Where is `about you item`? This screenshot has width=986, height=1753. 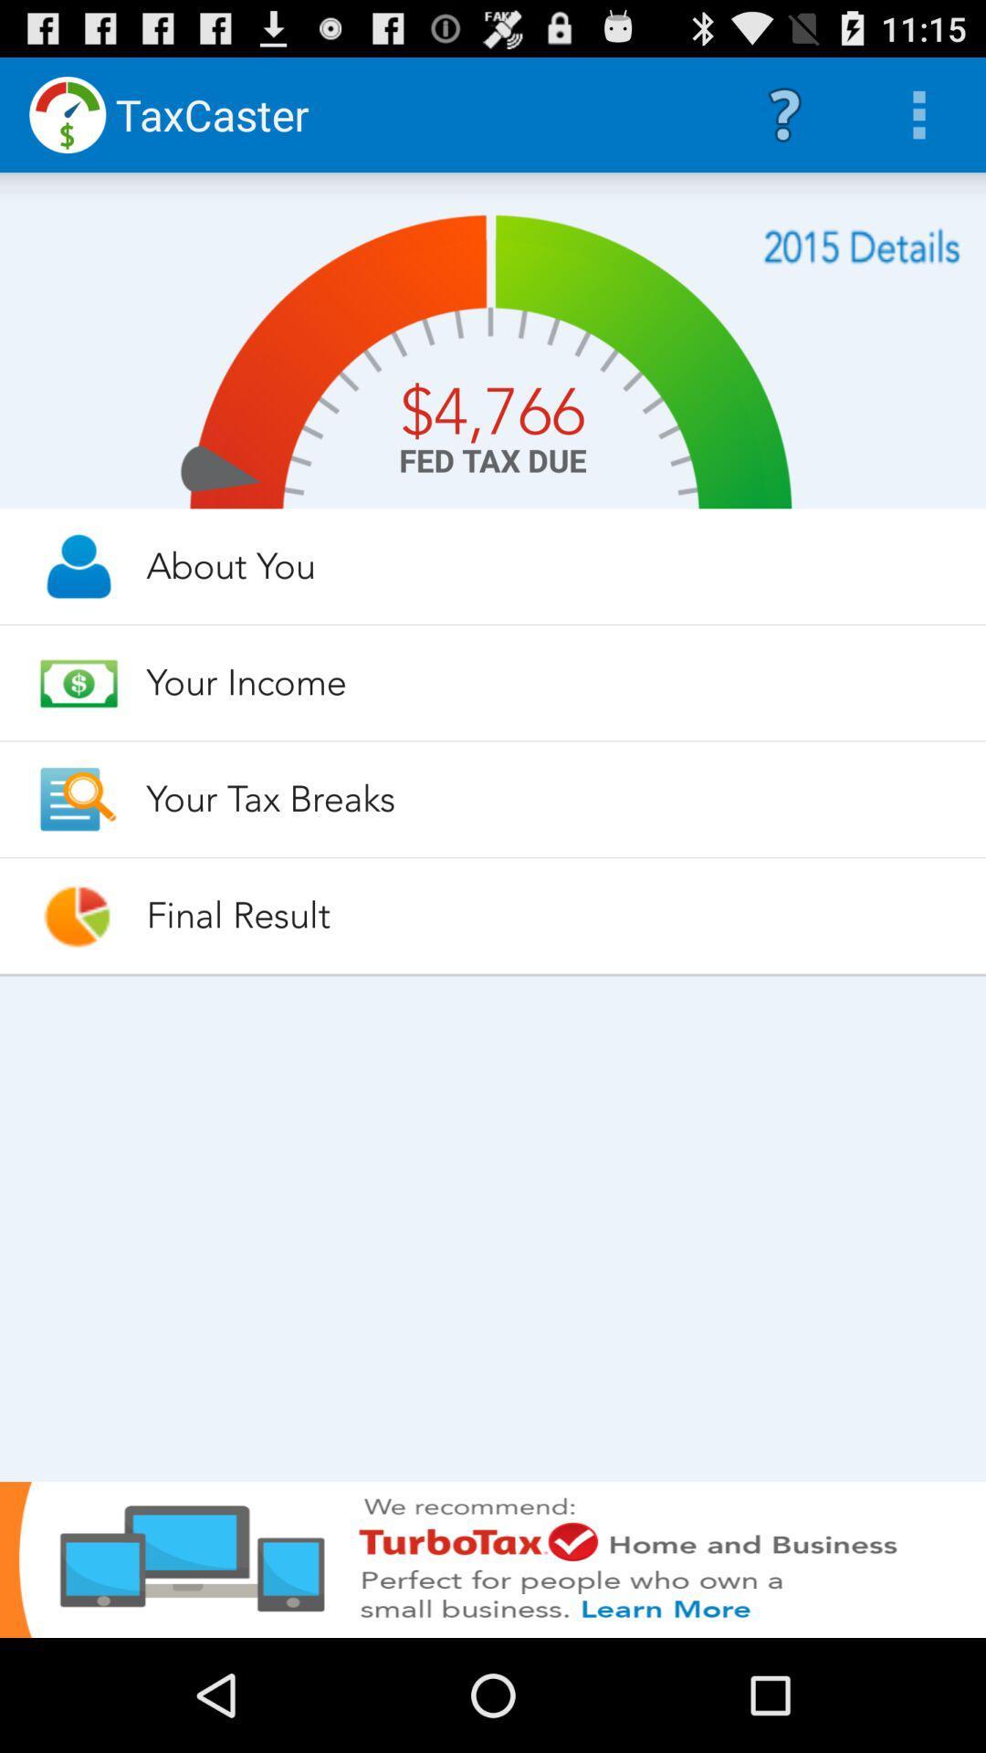
about you item is located at coordinates (549, 565).